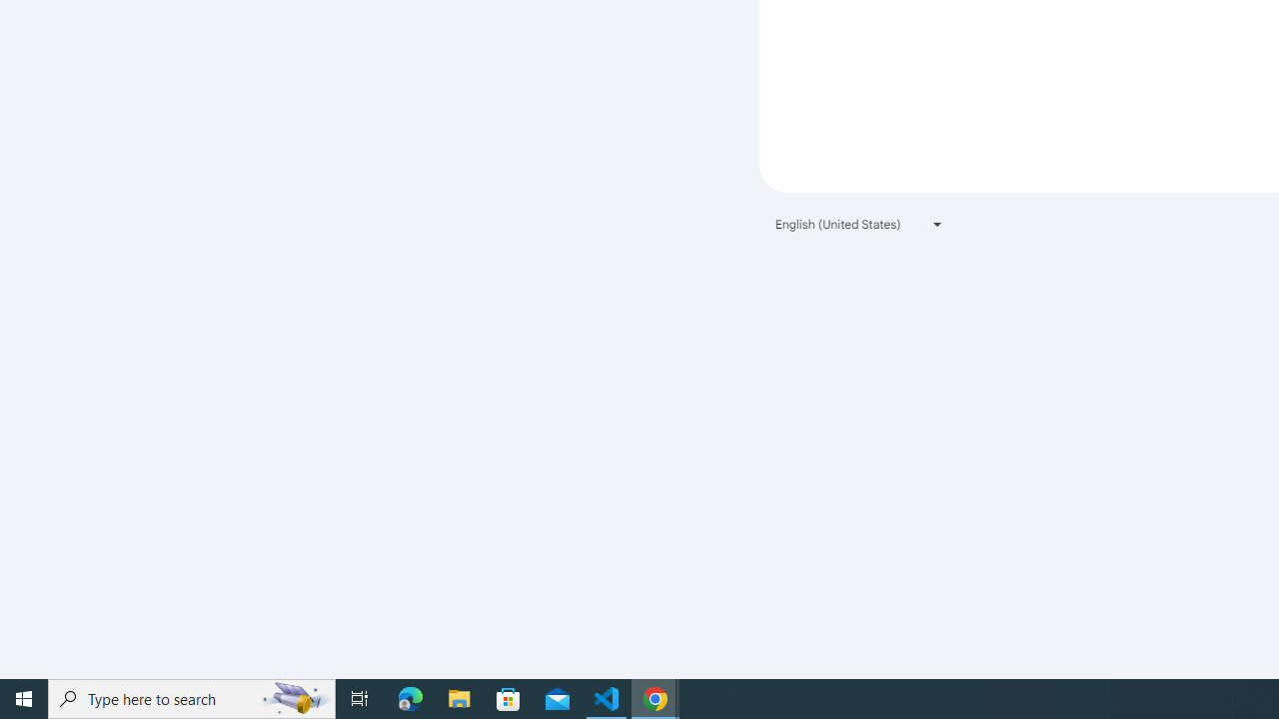 The width and height of the screenshot is (1279, 719). What do you see at coordinates (859, 224) in the screenshot?
I see `'English (United States)'` at bounding box center [859, 224].